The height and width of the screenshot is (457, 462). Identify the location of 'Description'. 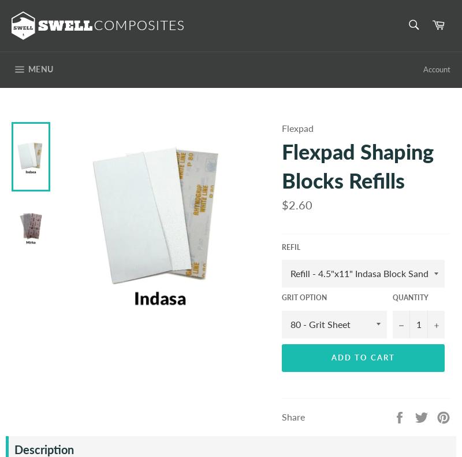
(44, 449).